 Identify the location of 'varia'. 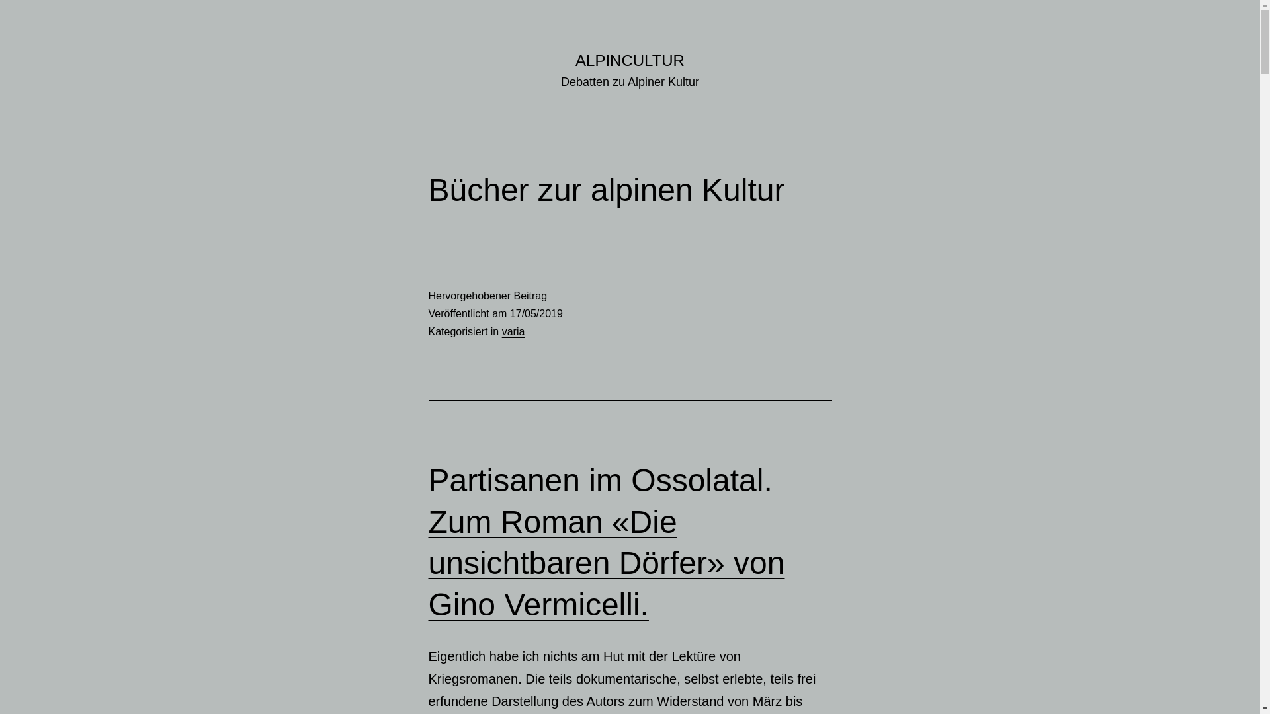
(513, 331).